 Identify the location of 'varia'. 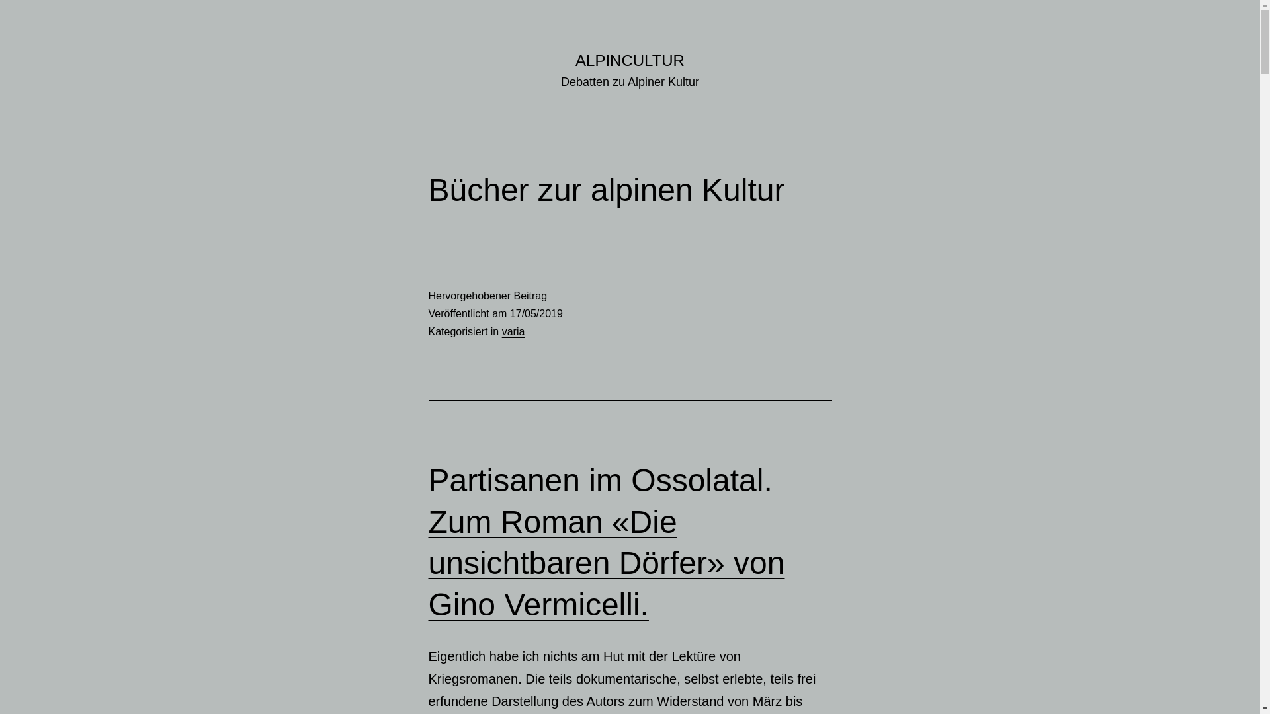
(513, 331).